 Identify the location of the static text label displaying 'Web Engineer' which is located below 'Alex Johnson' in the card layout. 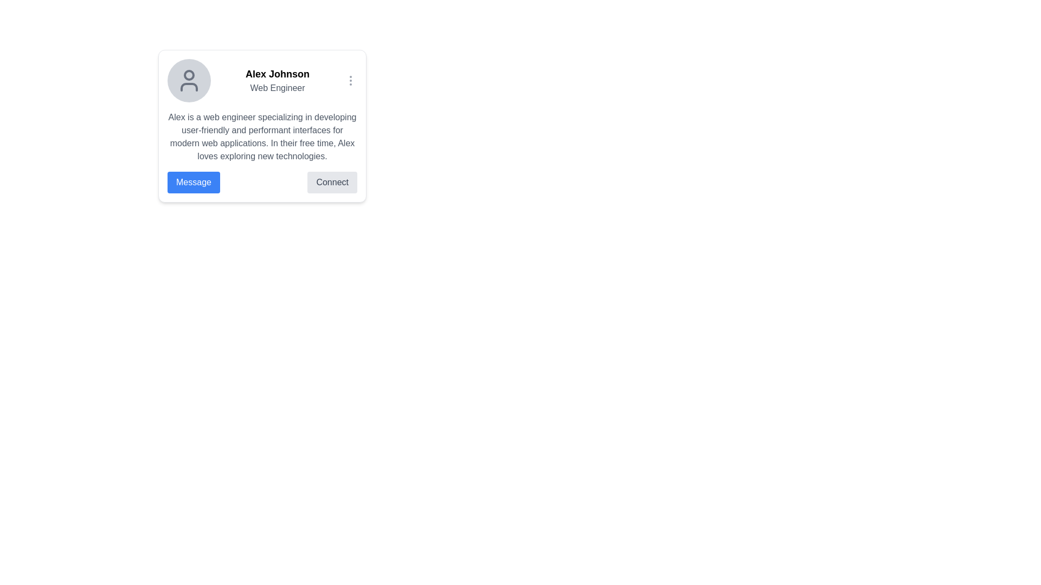
(278, 87).